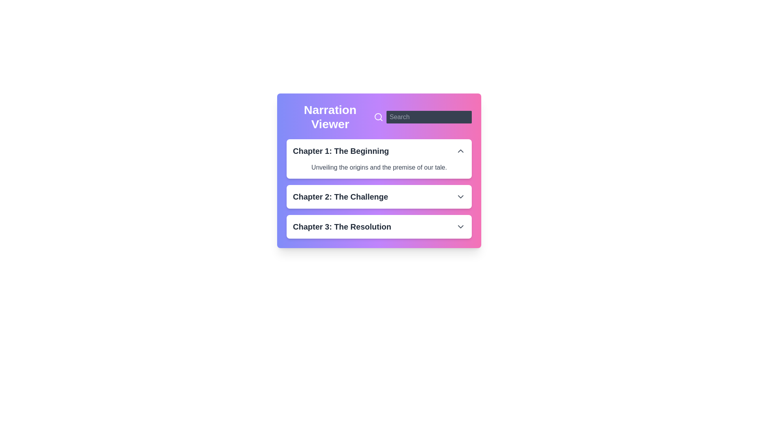  I want to click on text element displaying 'Unveiling the origins and the premise of our tale.' located below the title 'Chapter 1: The Beginning' in the content block, so click(379, 167).